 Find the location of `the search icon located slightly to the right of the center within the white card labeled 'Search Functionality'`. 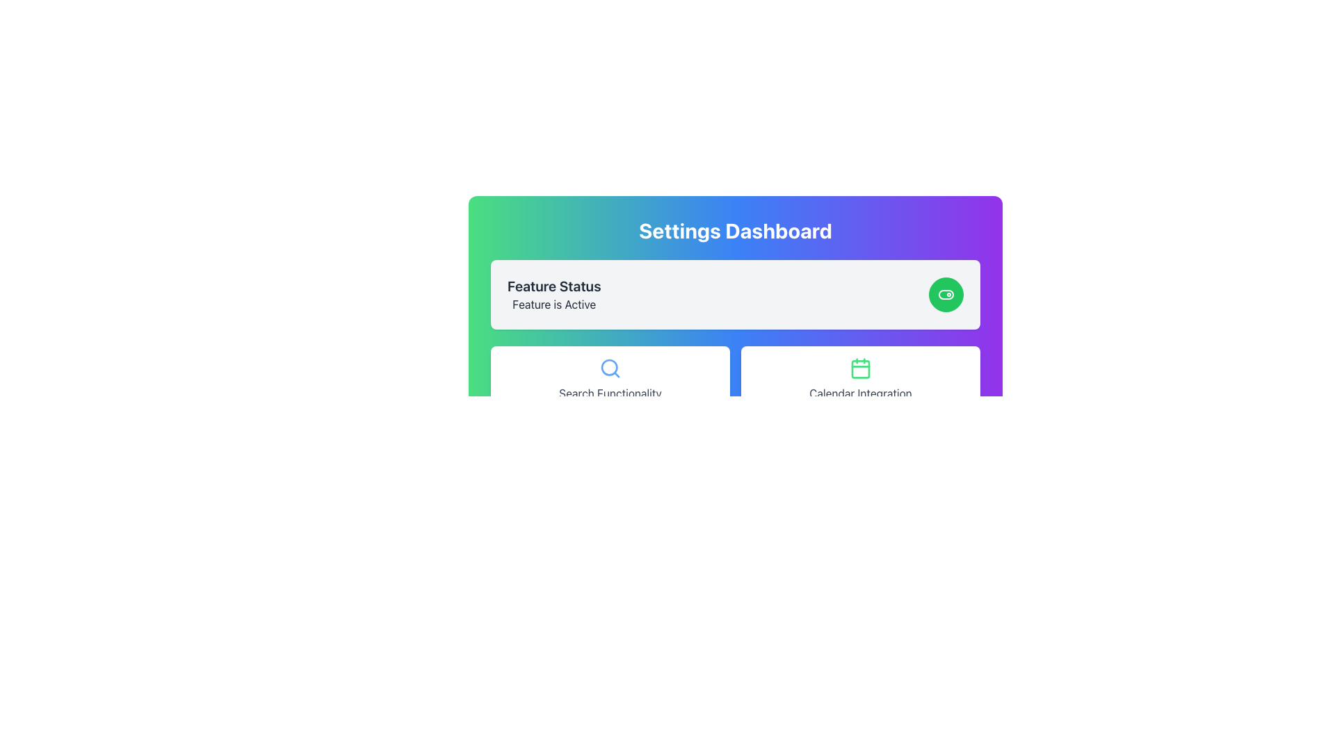

the search icon located slightly to the right of the center within the white card labeled 'Search Functionality' is located at coordinates (610, 367).